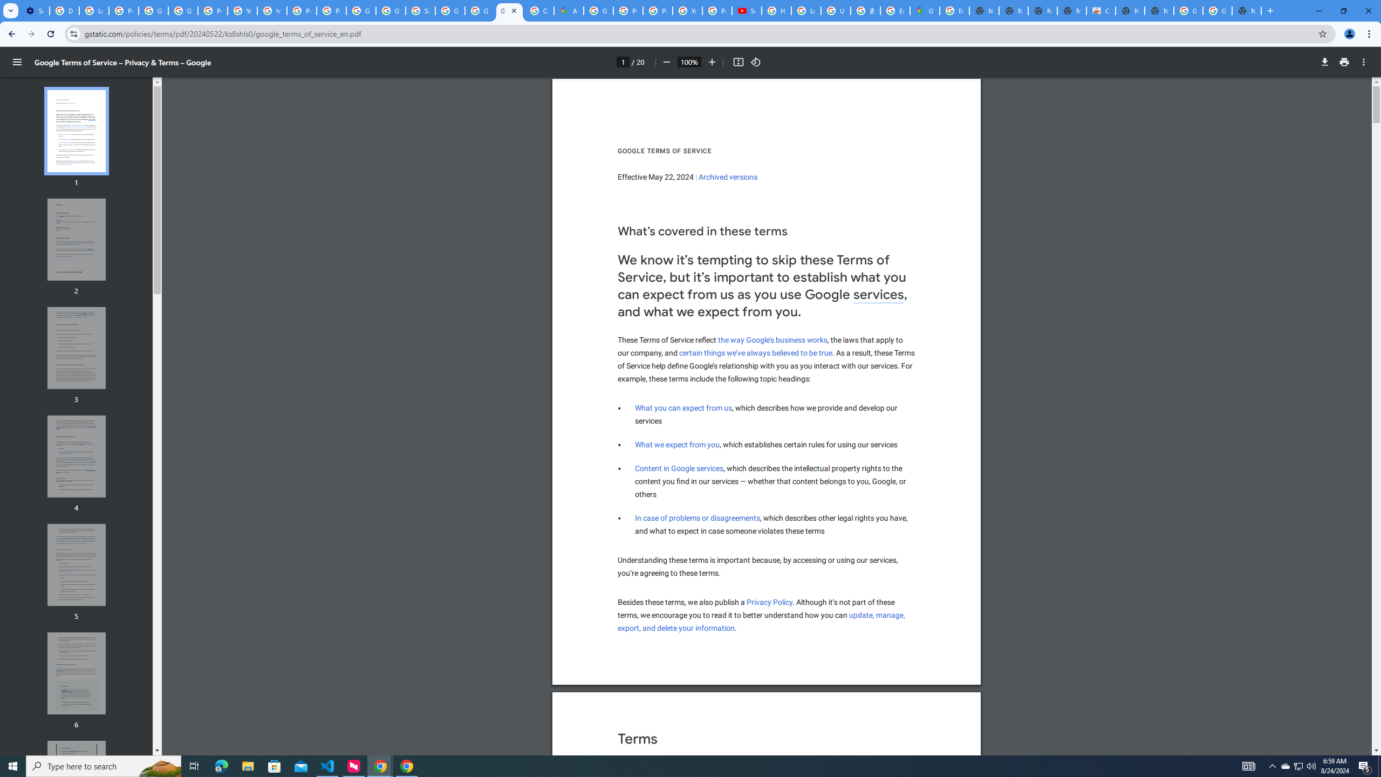 This screenshot has height=777, width=1381. What do you see at coordinates (877, 615) in the screenshot?
I see `'update, manage,'` at bounding box center [877, 615].